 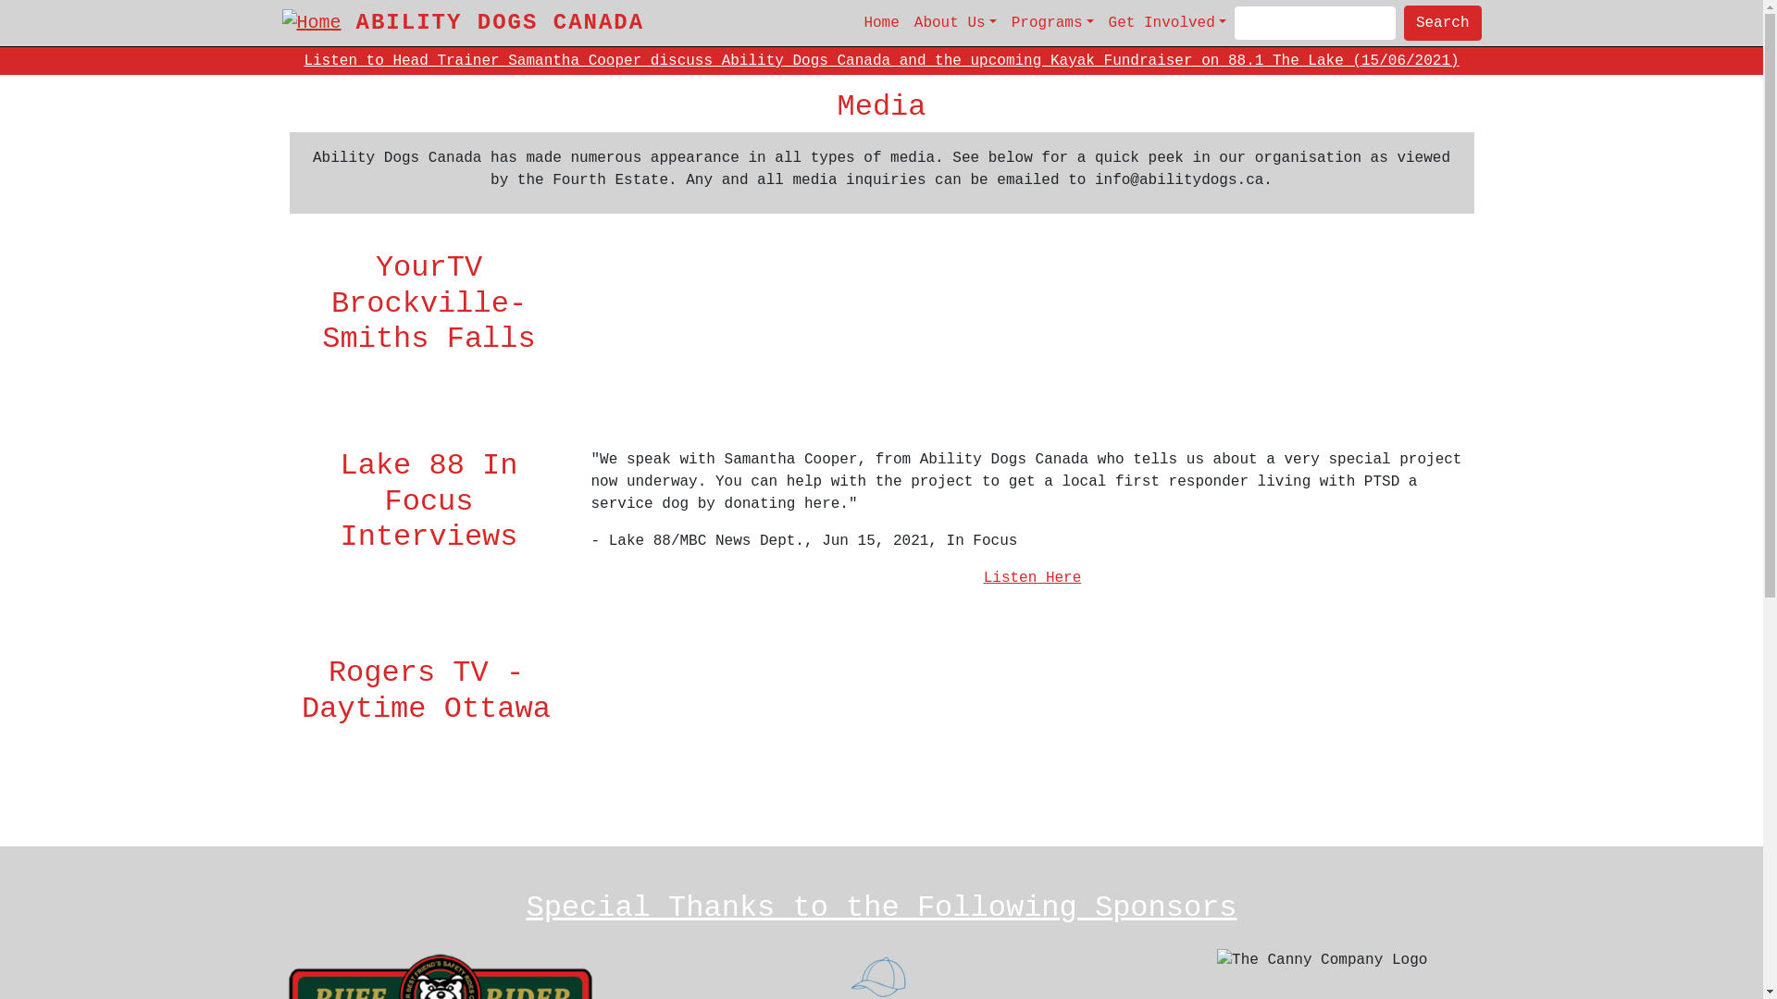 I want to click on 'Enter the terms you wish to search for.', so click(x=1234, y=22).